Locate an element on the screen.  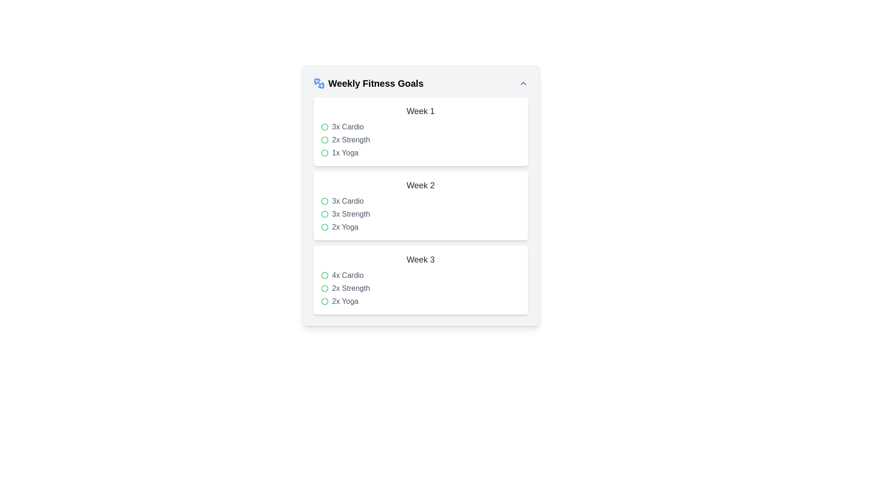
the text label '2x Strength' in gray font, which is located in the Week 3 section of the Weekly Fitness Goals card, positioned below '4x Cardio' and above '2x Yoga', with a green circular icon to its left is located at coordinates (350, 288).